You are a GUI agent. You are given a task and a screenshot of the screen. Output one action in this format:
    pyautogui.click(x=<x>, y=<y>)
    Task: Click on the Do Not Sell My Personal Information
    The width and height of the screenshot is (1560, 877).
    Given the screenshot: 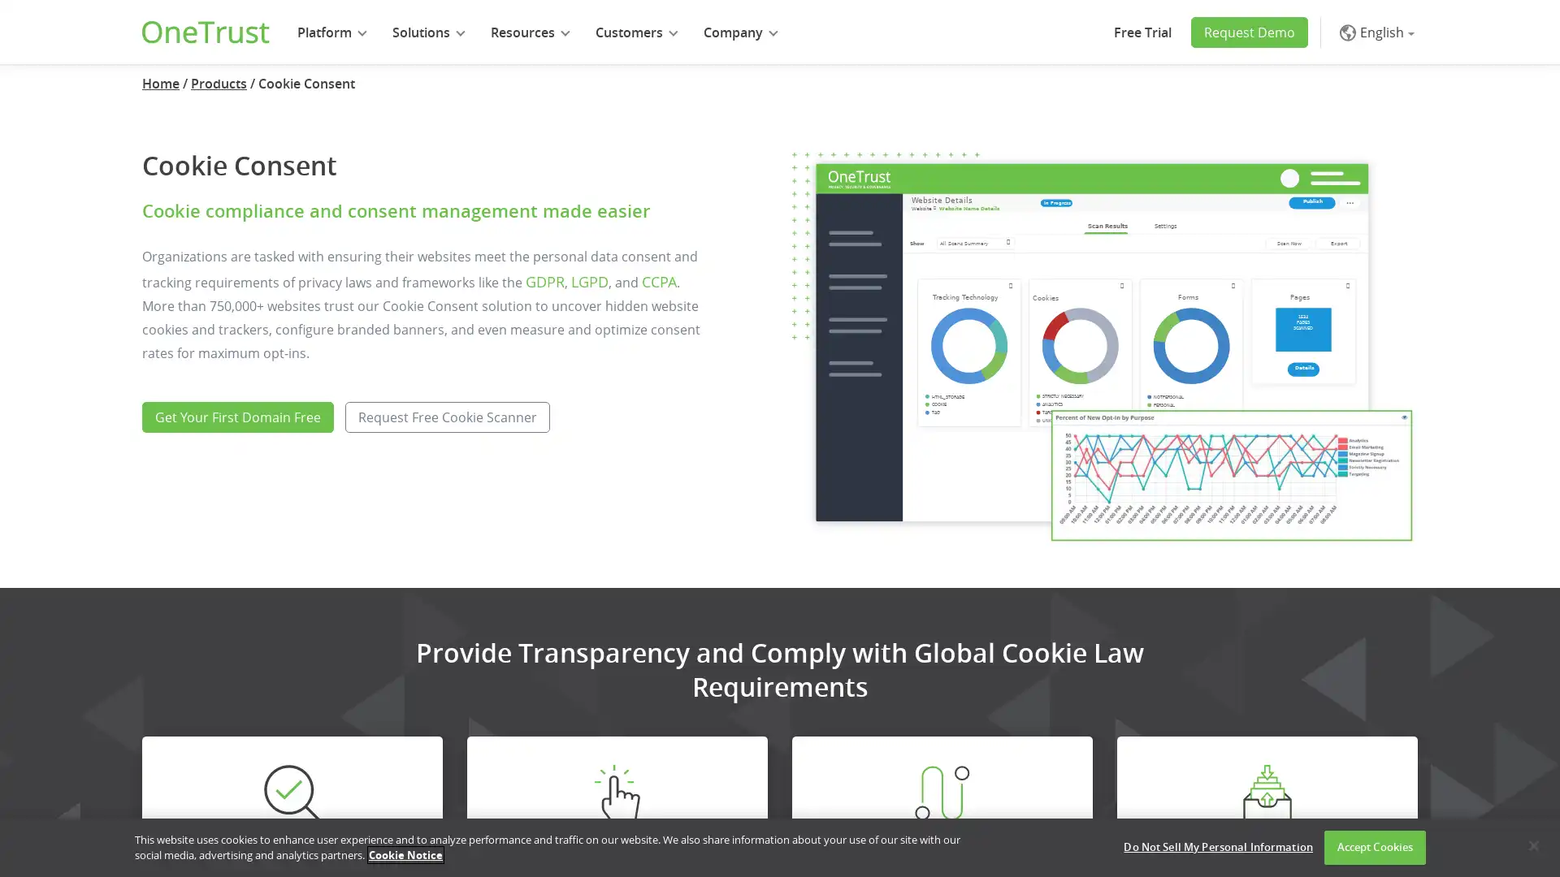 What is the action you would take?
    pyautogui.click(x=1218, y=847)
    